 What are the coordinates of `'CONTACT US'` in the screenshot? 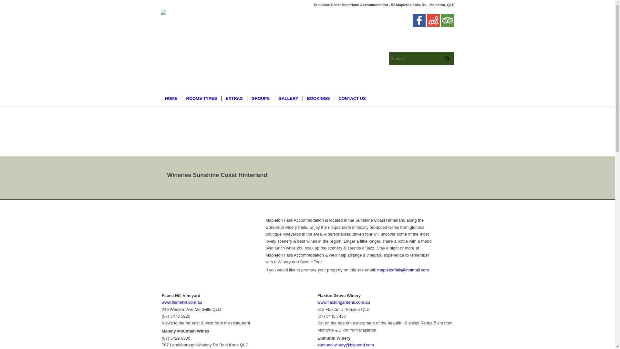 It's located at (334, 98).